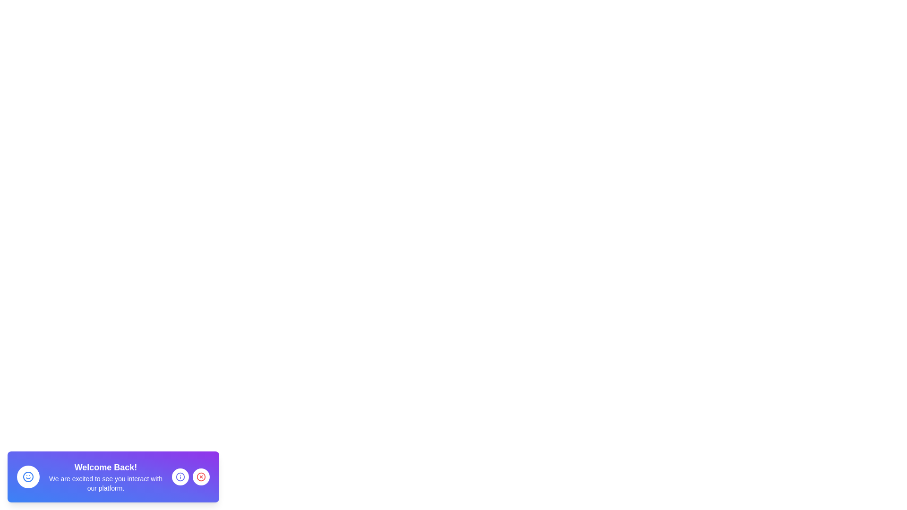 The height and width of the screenshot is (510, 907). What do you see at coordinates (180, 477) in the screenshot?
I see `the information button to receive more information` at bounding box center [180, 477].